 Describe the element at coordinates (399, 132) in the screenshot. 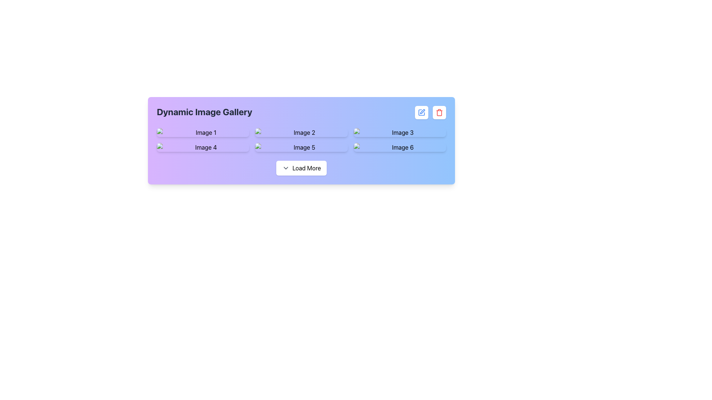

I see `the placeholder labeled 'Image 3'` at that location.